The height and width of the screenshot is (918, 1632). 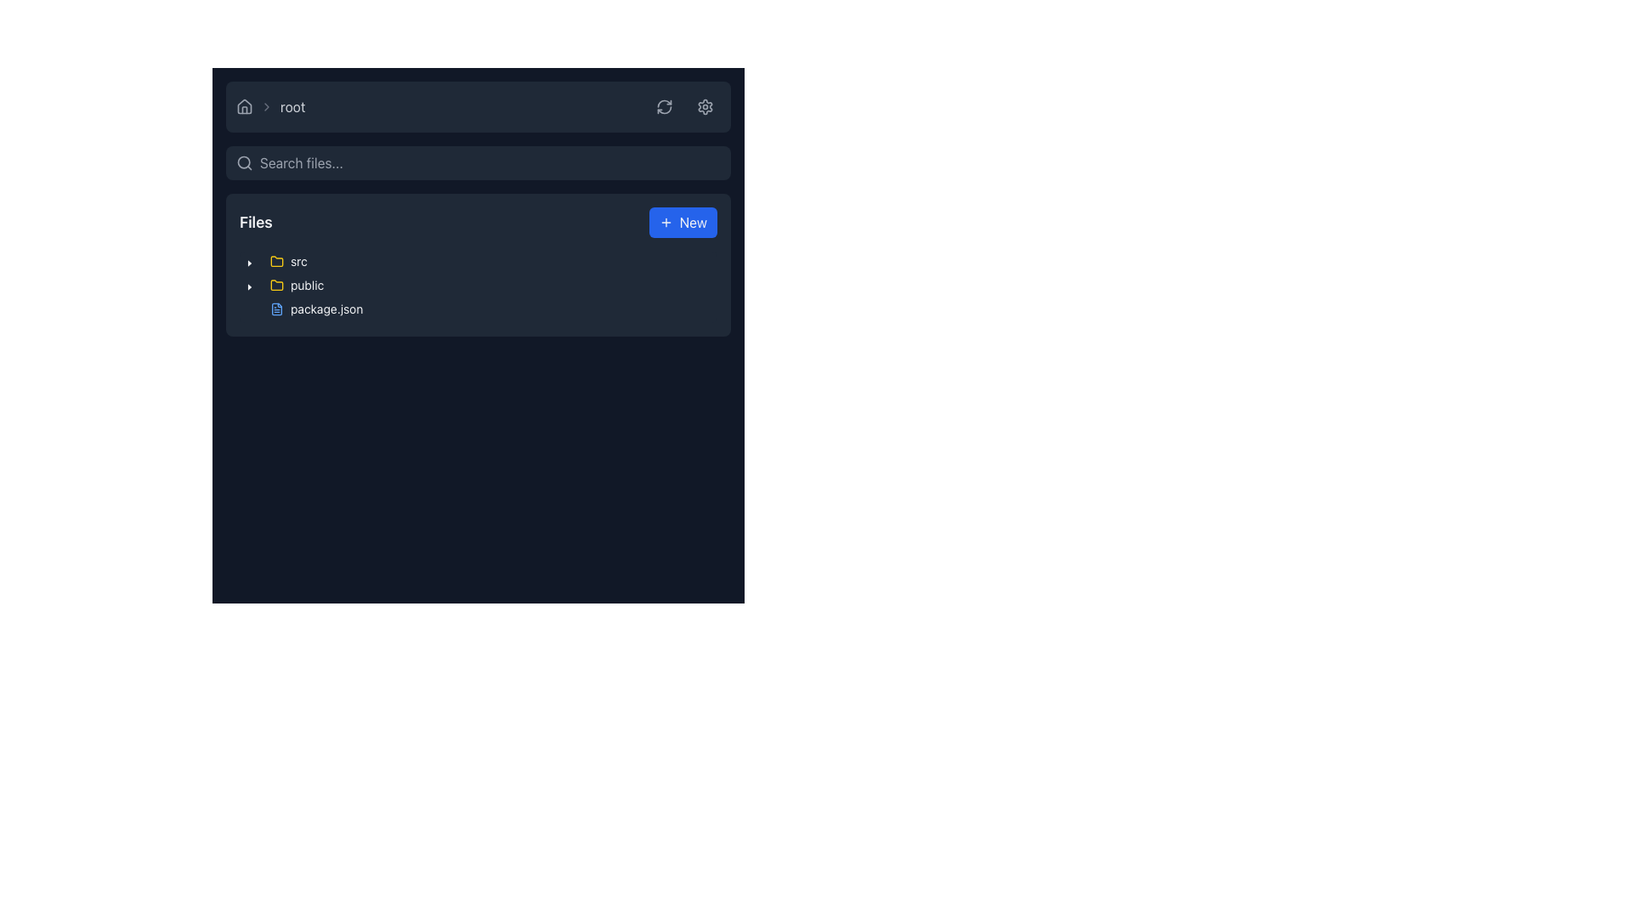 I want to click on the 'home' icon located at the top-left corner of the horizontal toolbar, so click(x=244, y=107).